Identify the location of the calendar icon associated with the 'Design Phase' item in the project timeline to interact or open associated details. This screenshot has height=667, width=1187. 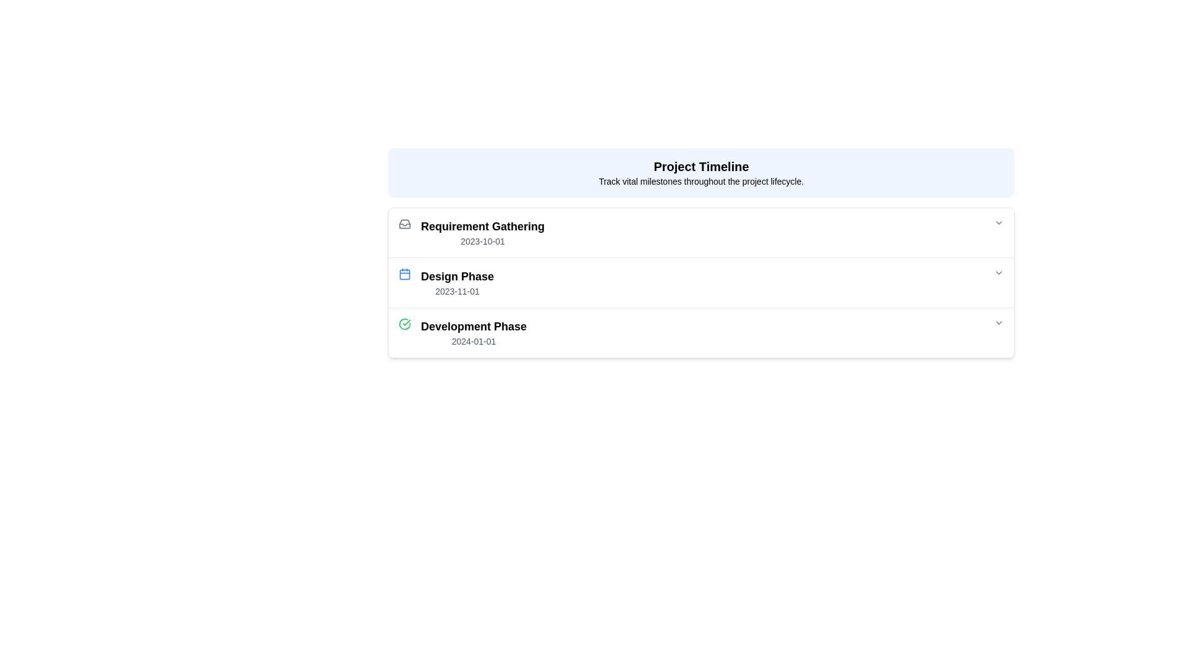
(404, 283).